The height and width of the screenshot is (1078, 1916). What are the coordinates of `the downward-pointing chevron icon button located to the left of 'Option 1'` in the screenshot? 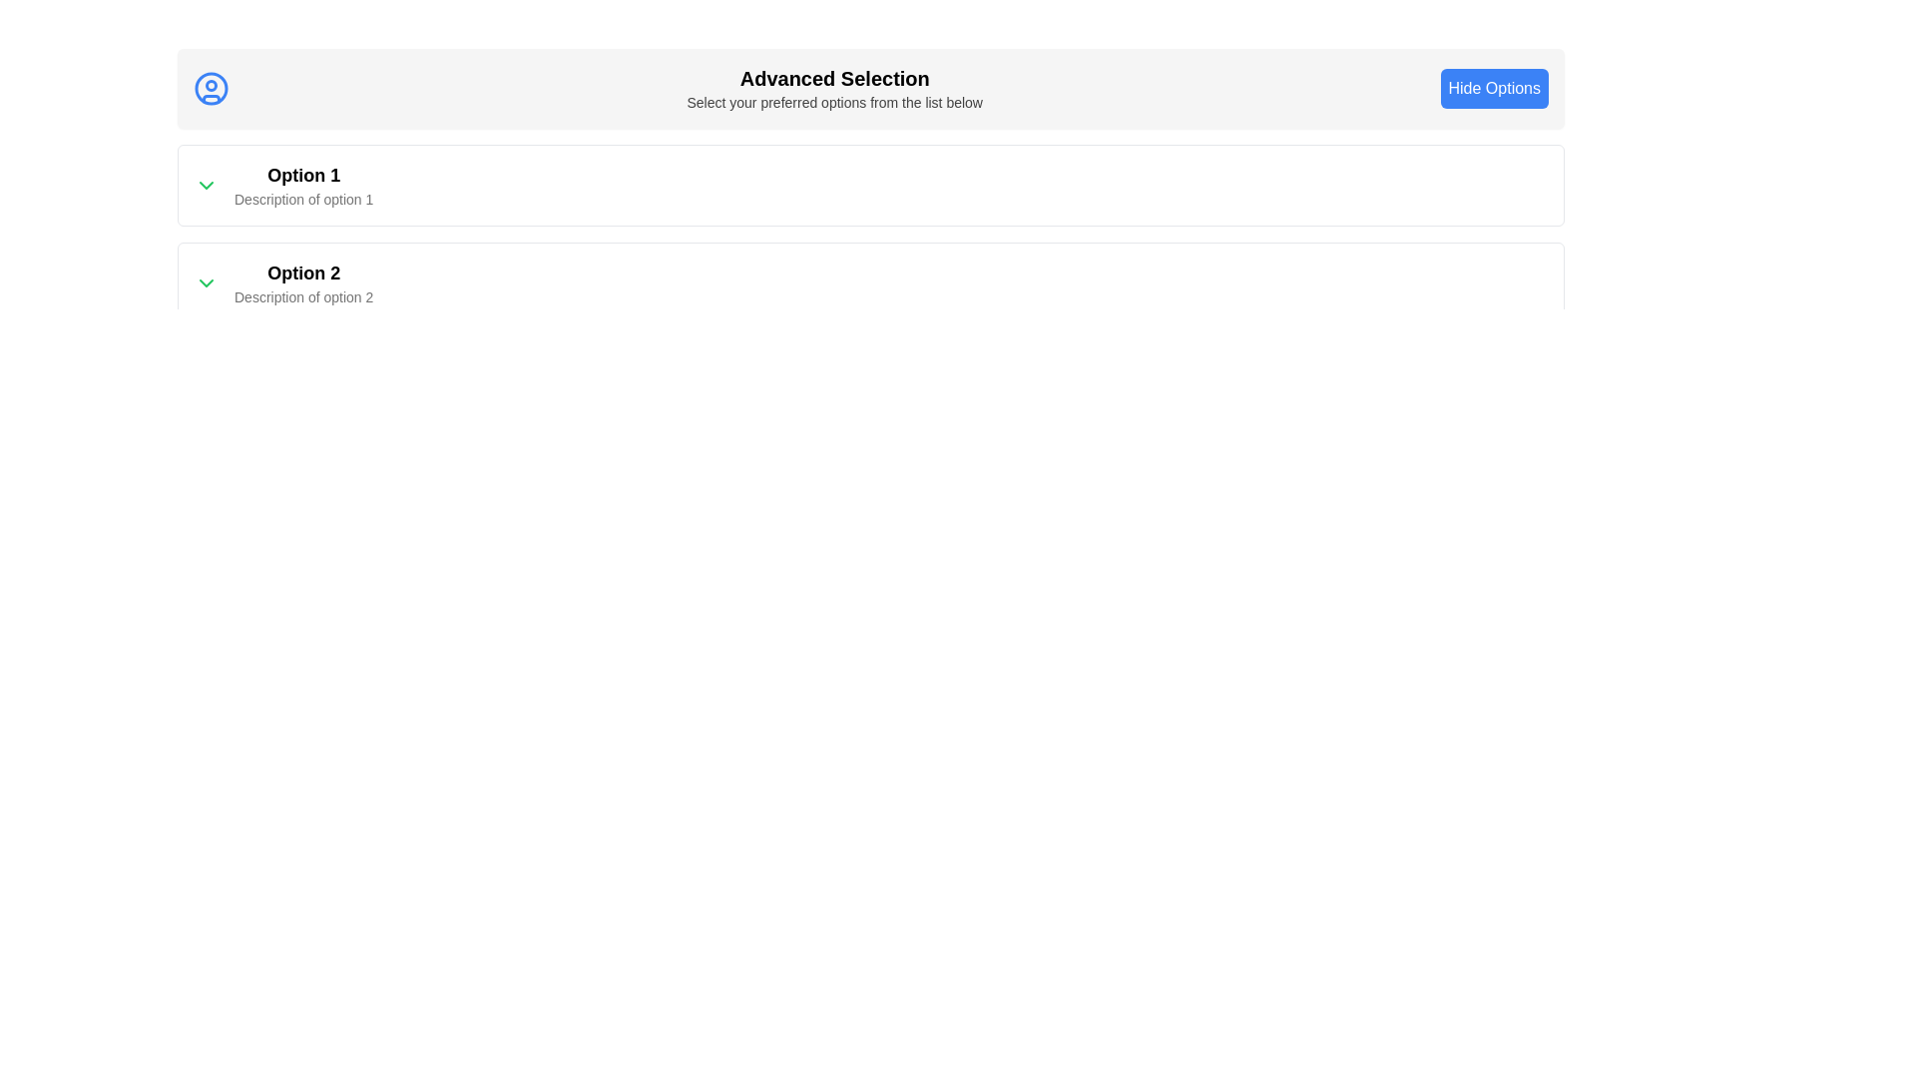 It's located at (206, 185).